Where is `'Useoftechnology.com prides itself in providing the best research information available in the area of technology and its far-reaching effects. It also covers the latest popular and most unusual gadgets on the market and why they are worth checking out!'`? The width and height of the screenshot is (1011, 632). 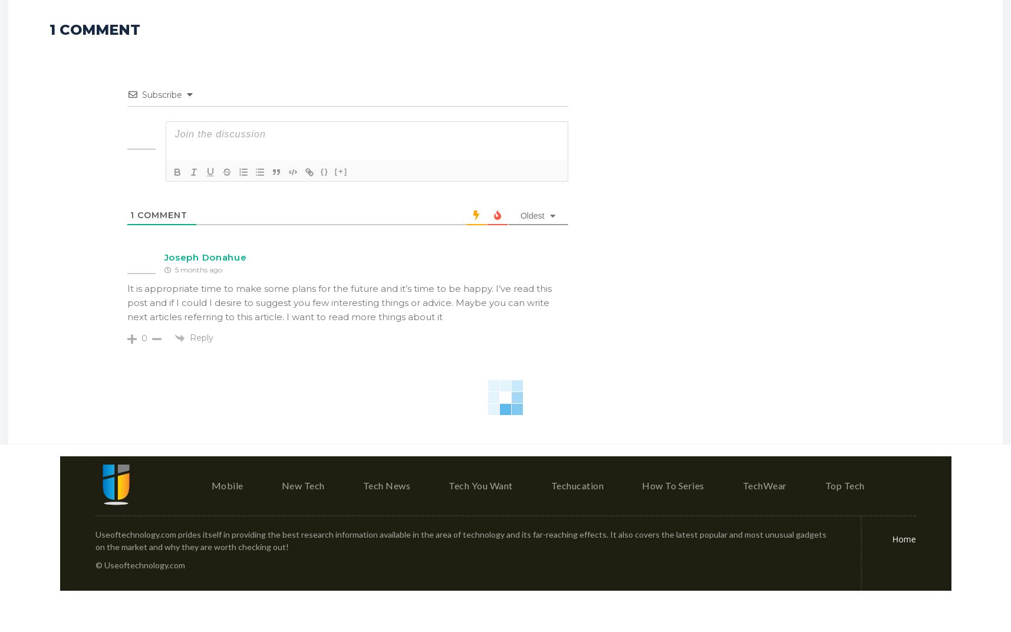
'Useoftechnology.com prides itself in providing the best research information available in the area of technology and its far-reaching effects. It also covers the latest popular and most unusual gadgets on the market and why they are worth checking out!' is located at coordinates (460, 544).